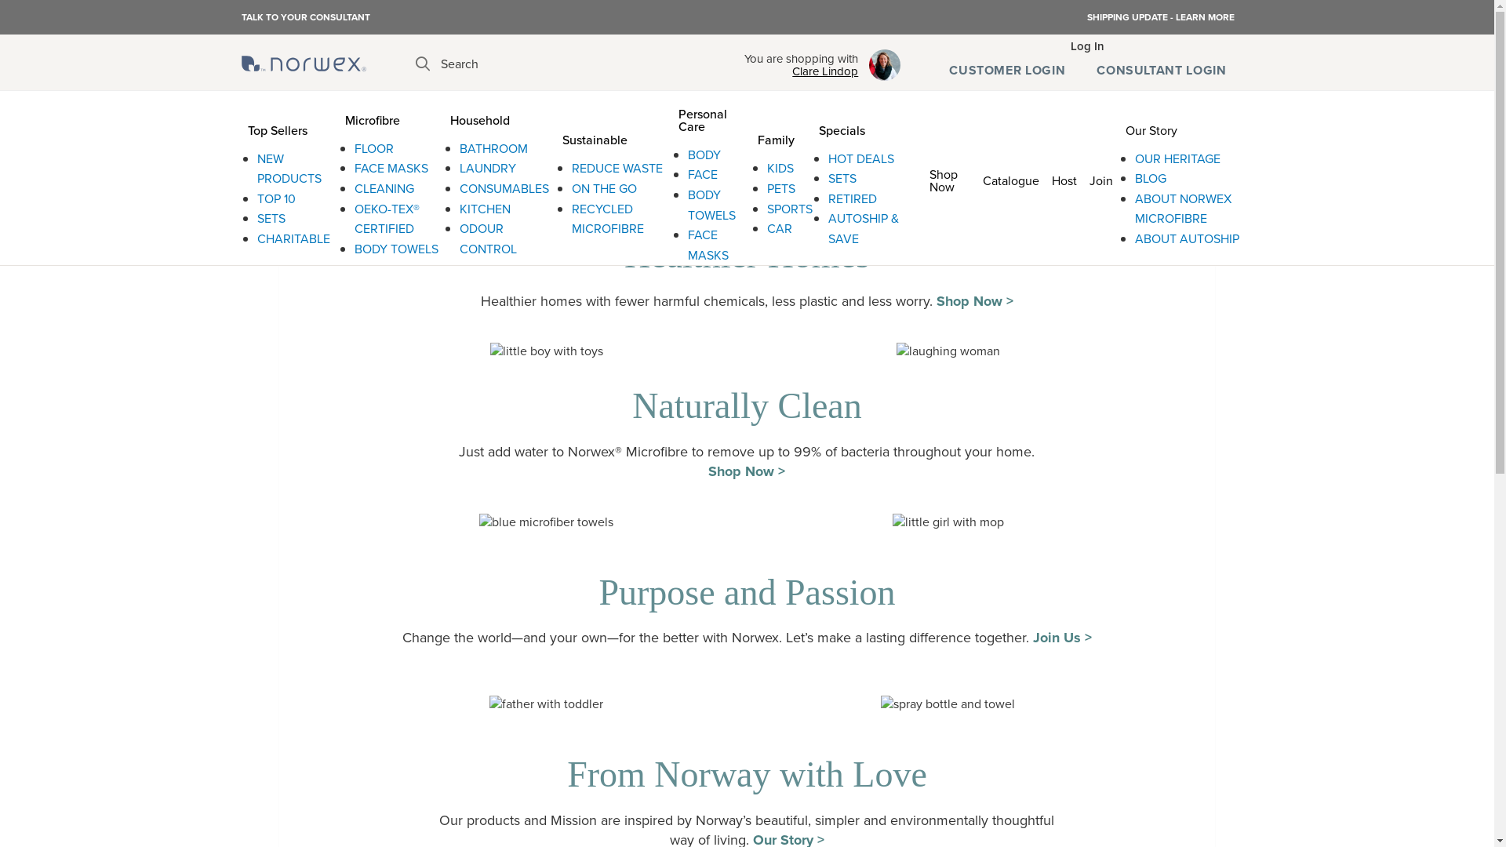 This screenshot has height=847, width=1506. Describe the element at coordinates (617, 168) in the screenshot. I see `'REDUCE WASTE'` at that location.